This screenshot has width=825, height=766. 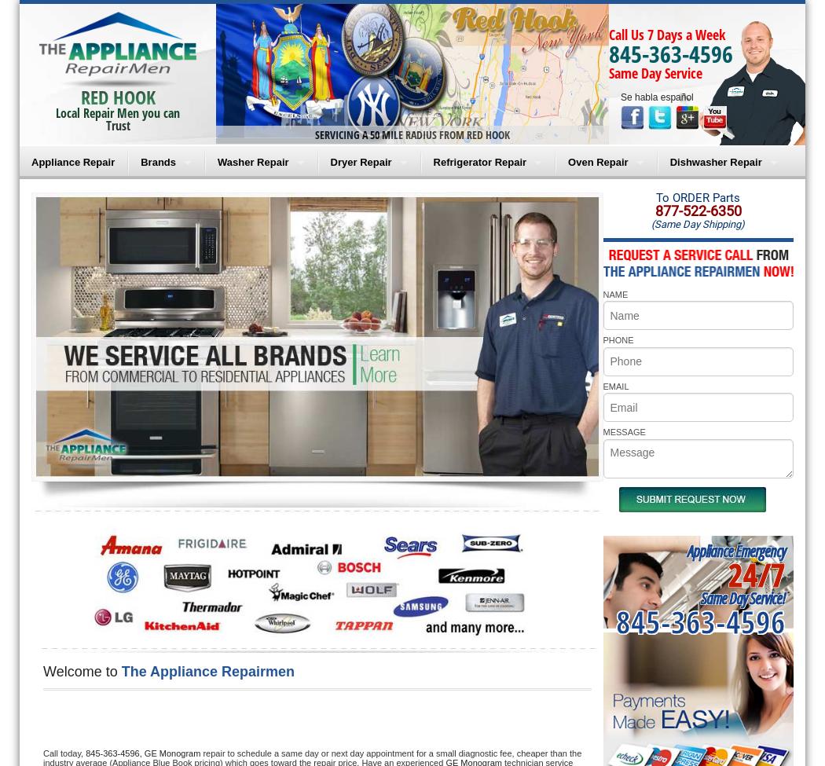 What do you see at coordinates (85, 752) in the screenshot?
I see `'845-363-4596,'` at bounding box center [85, 752].